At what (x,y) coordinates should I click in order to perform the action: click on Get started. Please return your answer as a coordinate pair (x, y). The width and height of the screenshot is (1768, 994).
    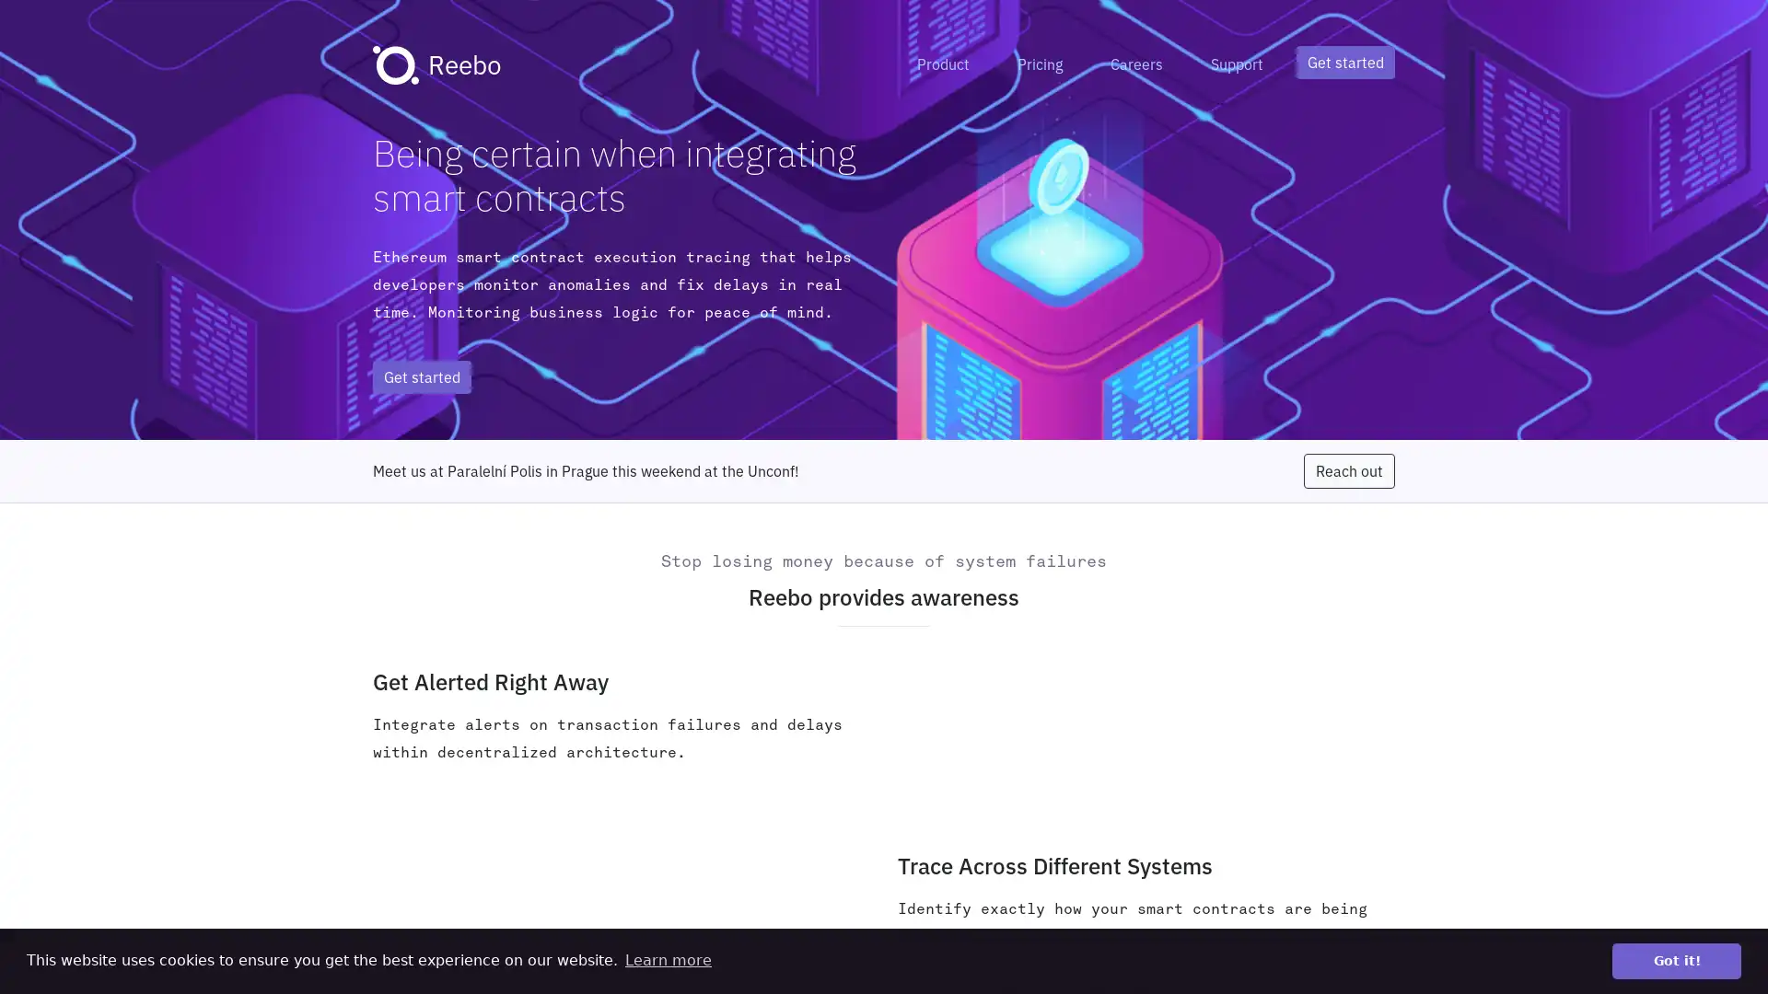
    Looking at the image, I should click on (421, 376).